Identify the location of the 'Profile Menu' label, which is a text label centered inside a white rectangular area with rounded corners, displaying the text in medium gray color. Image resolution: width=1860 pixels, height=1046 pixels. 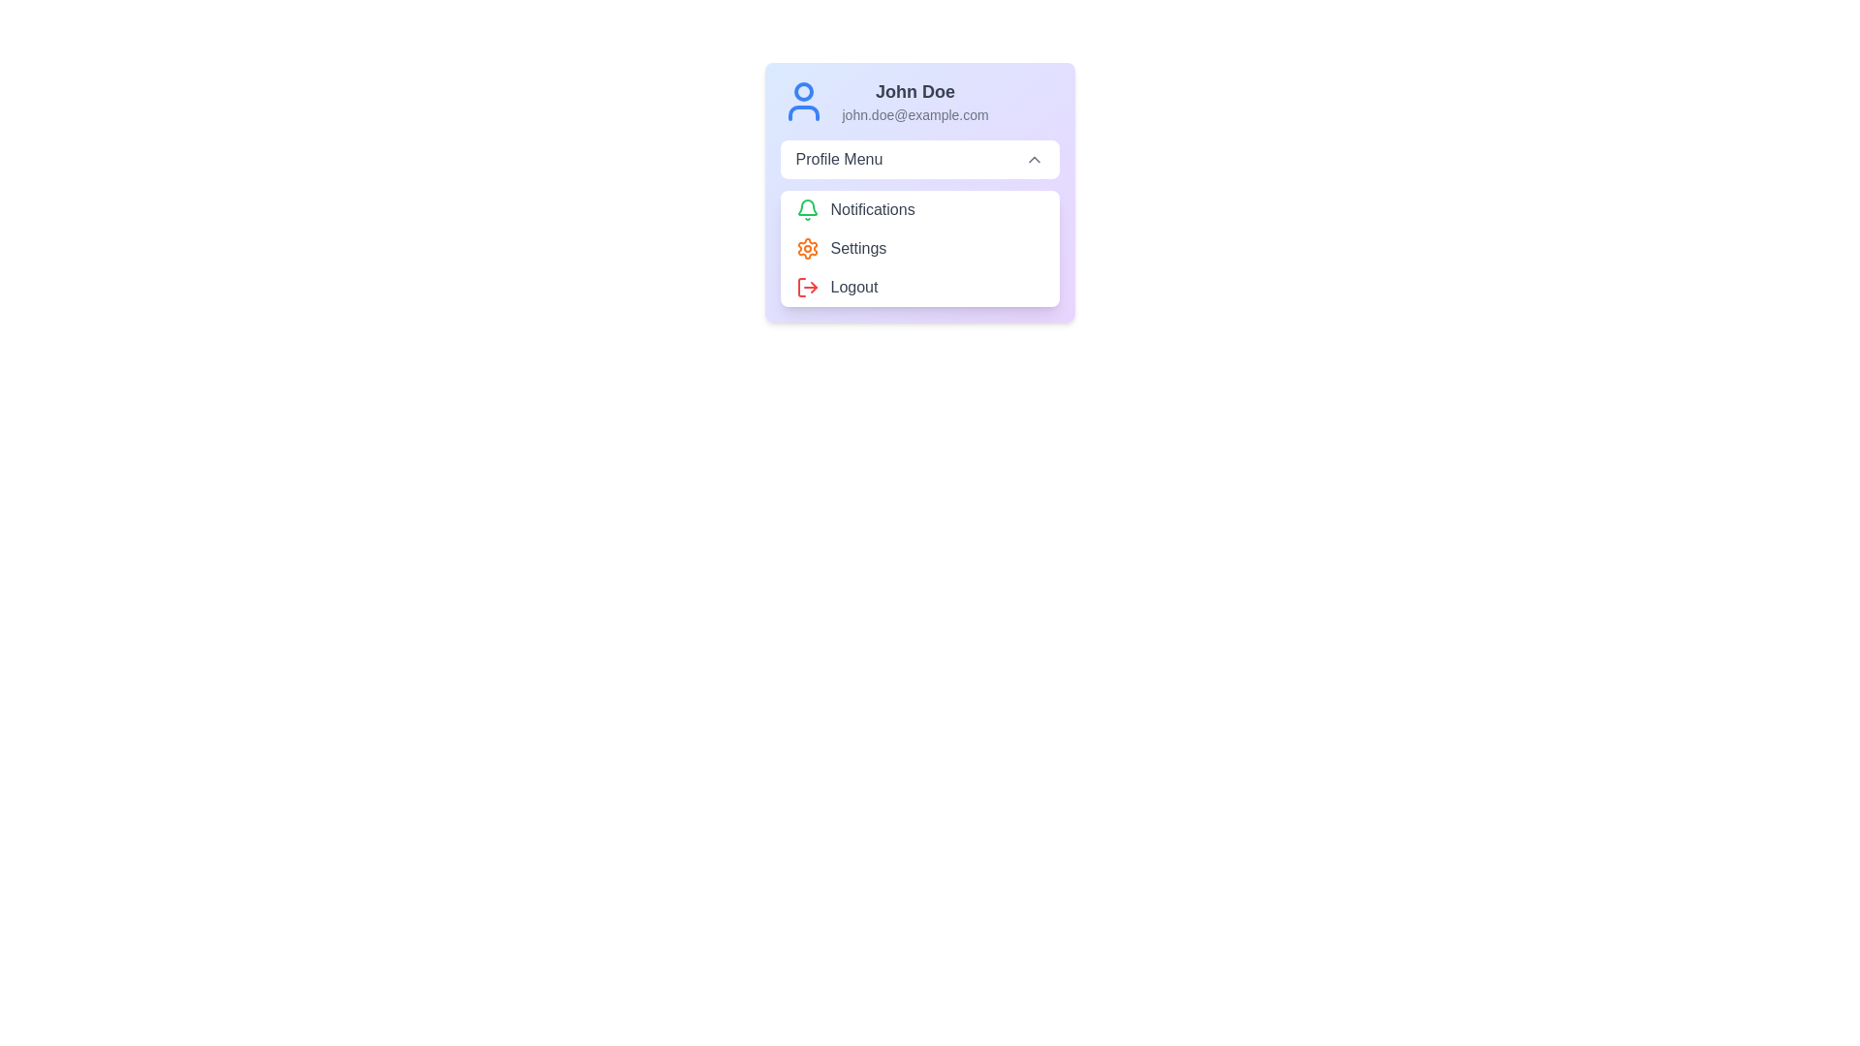
(839, 159).